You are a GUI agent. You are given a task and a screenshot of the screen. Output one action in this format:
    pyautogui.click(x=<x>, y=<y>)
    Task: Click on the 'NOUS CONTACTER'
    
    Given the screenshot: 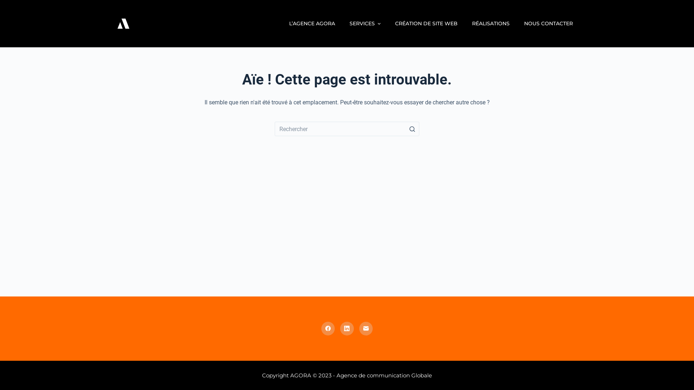 What is the action you would take?
    pyautogui.click(x=517, y=23)
    